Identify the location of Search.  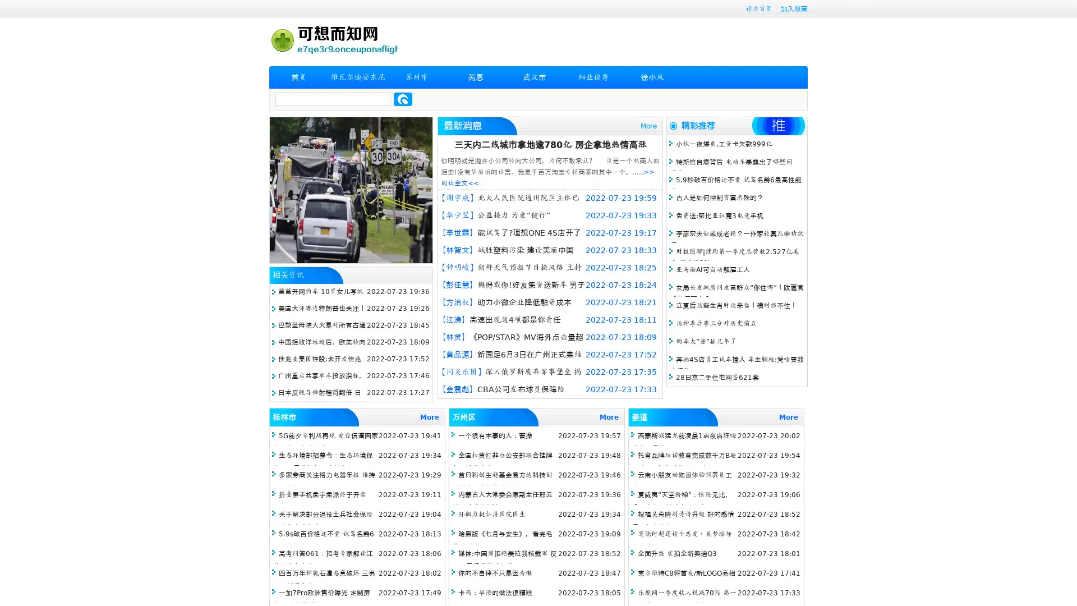
(403, 99).